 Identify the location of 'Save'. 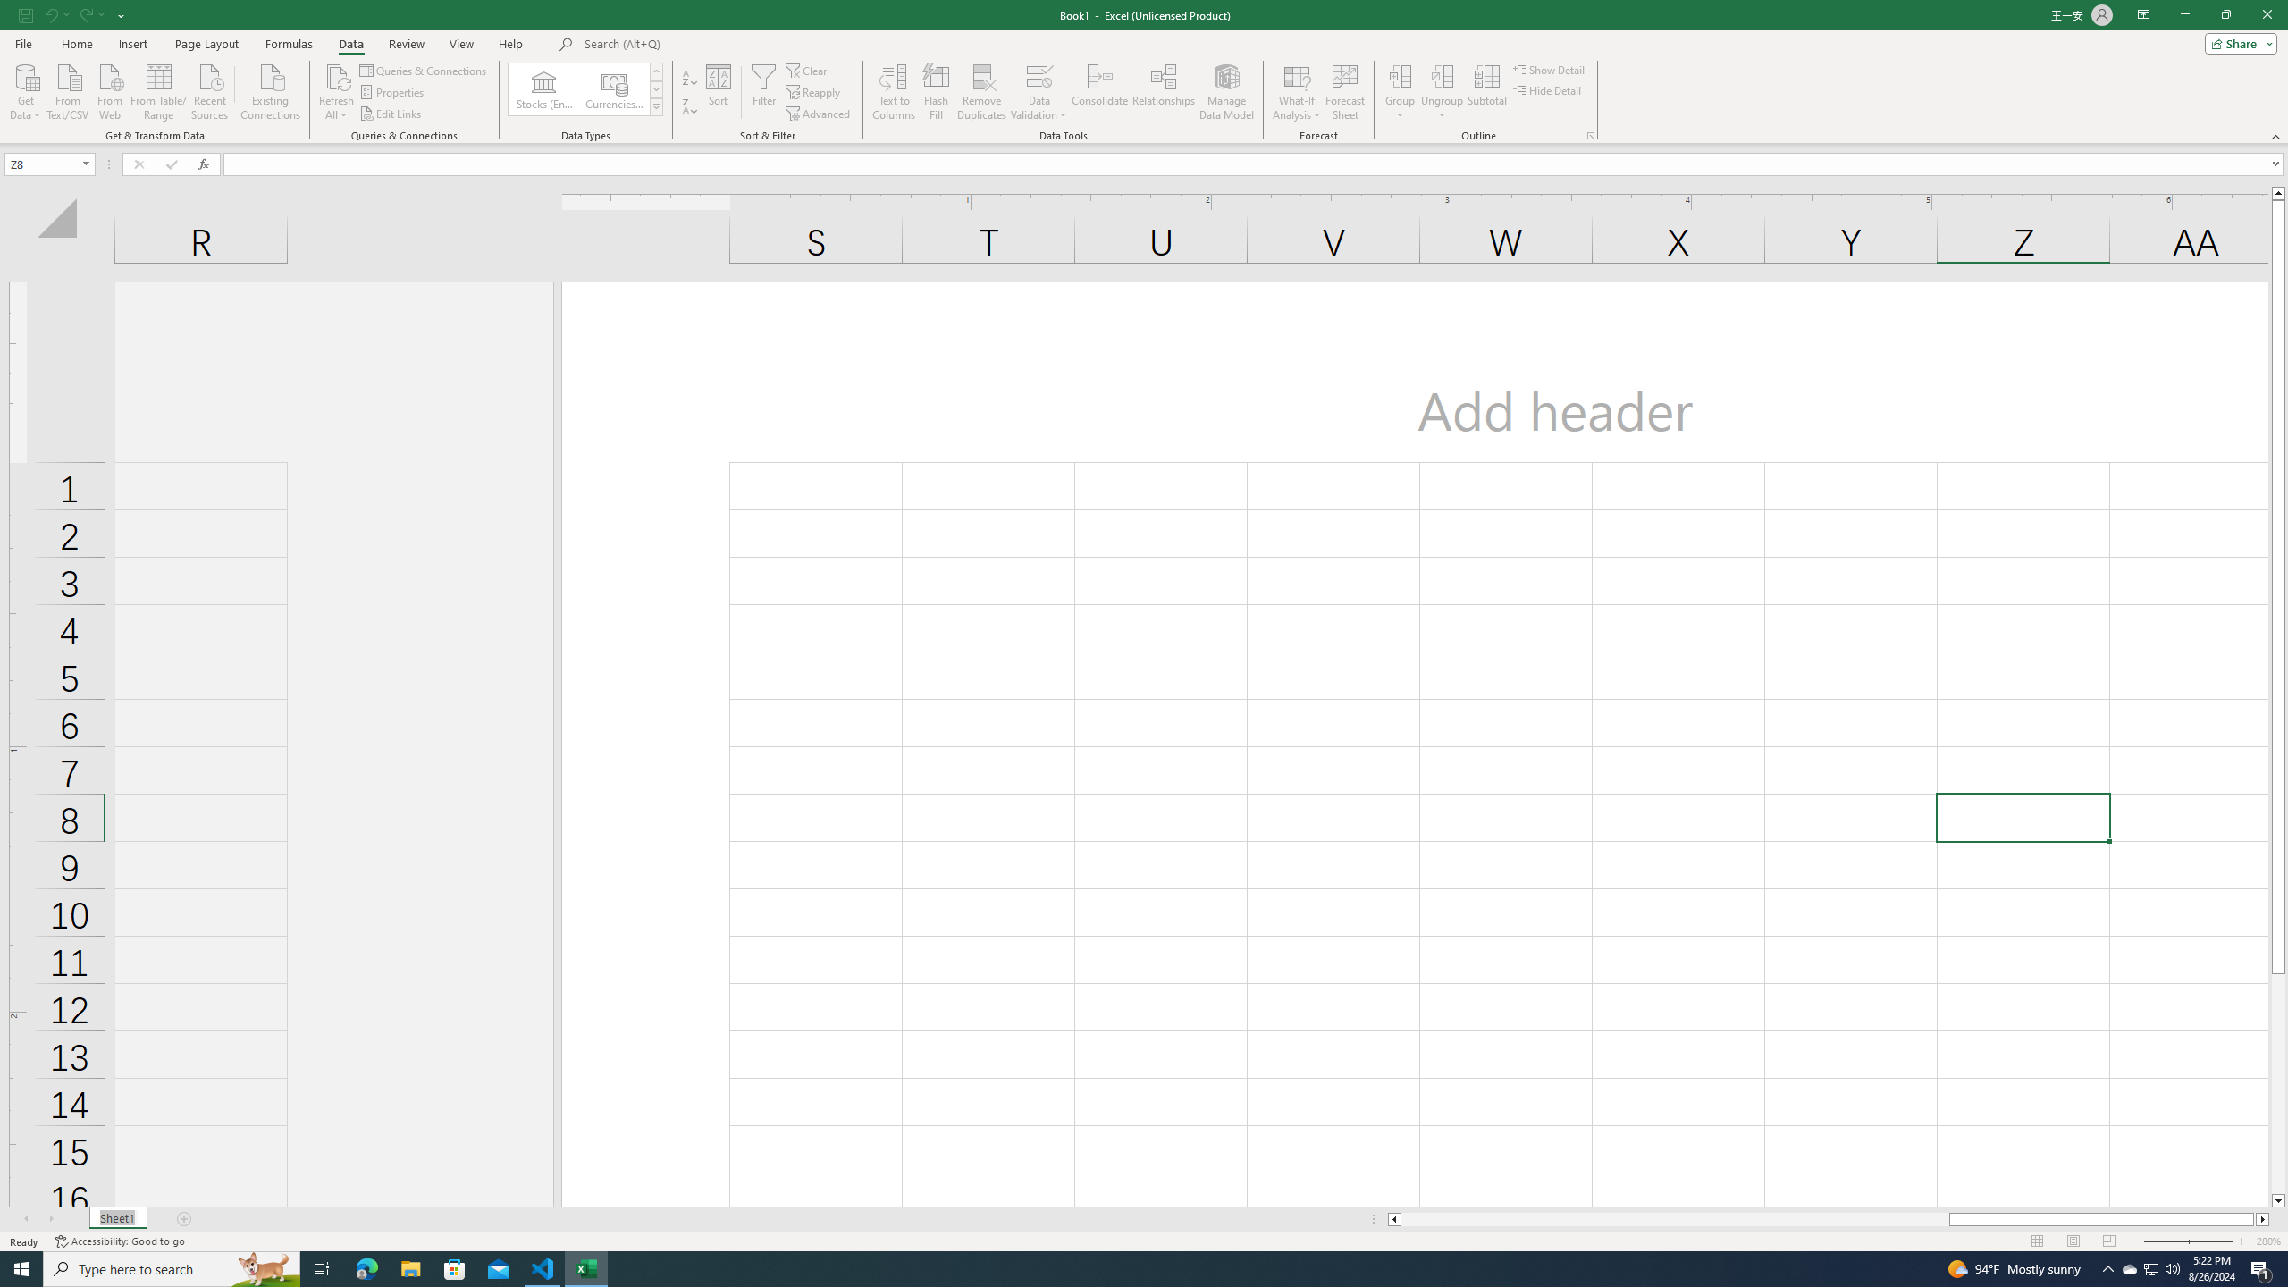
(25, 13).